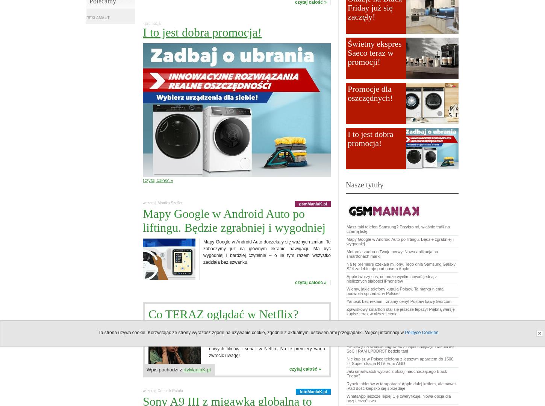 The width and height of the screenshot is (545, 406). I want to click on 'Świetny ekspres Saeco teraz w promocji!', so click(374, 52).